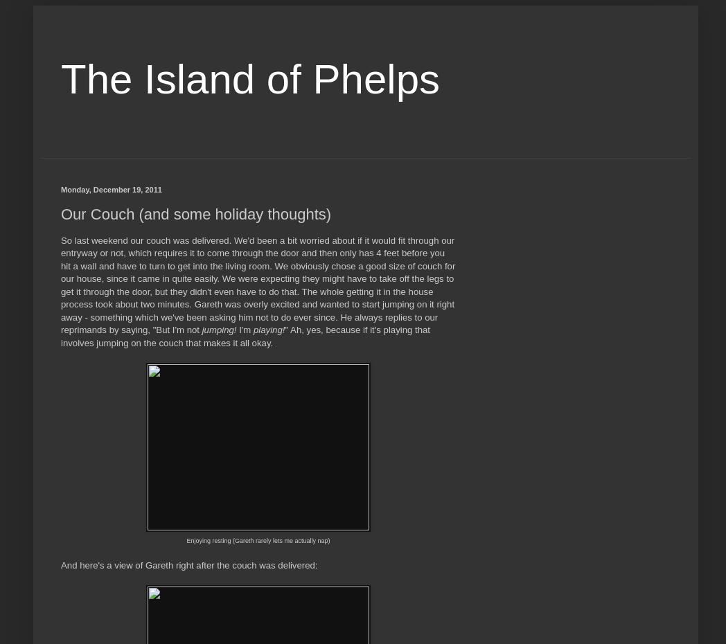 The height and width of the screenshot is (644, 726). Describe the element at coordinates (195, 213) in the screenshot. I see `'Our Couch (and some holiday thoughts)'` at that location.